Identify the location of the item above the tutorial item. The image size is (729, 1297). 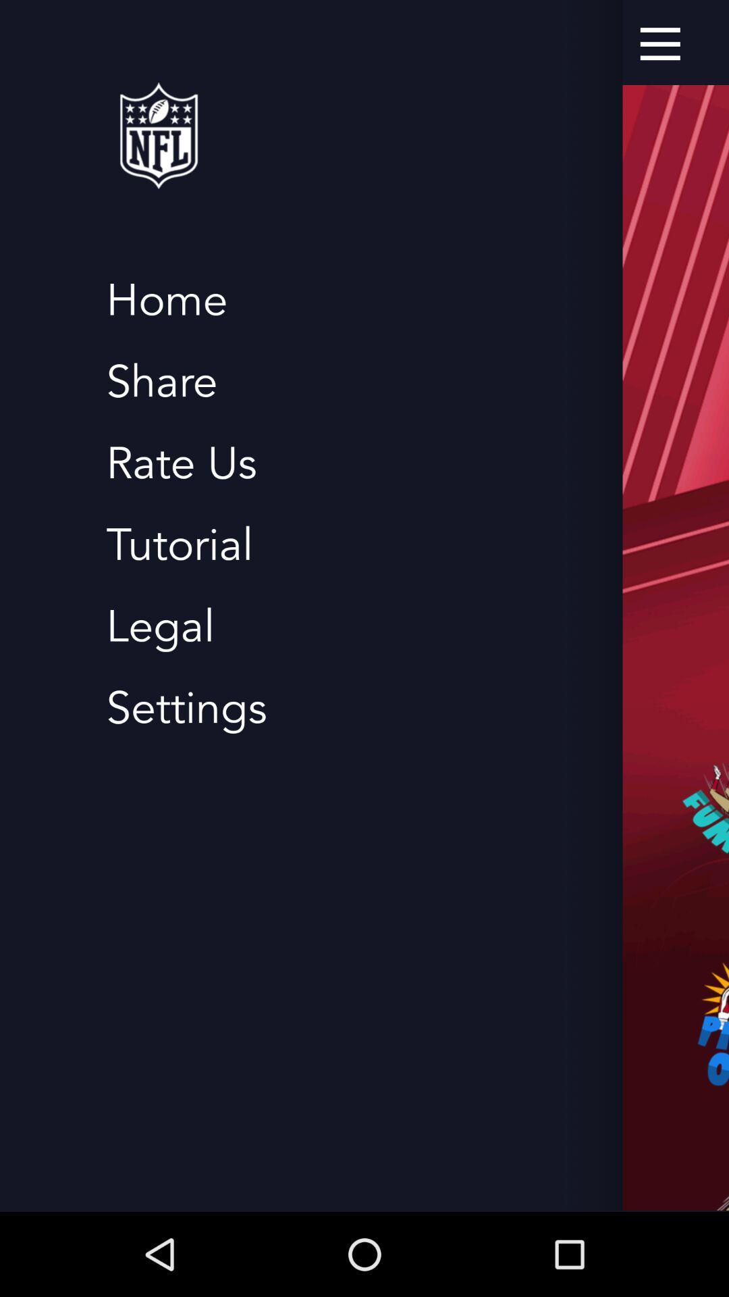
(180, 463).